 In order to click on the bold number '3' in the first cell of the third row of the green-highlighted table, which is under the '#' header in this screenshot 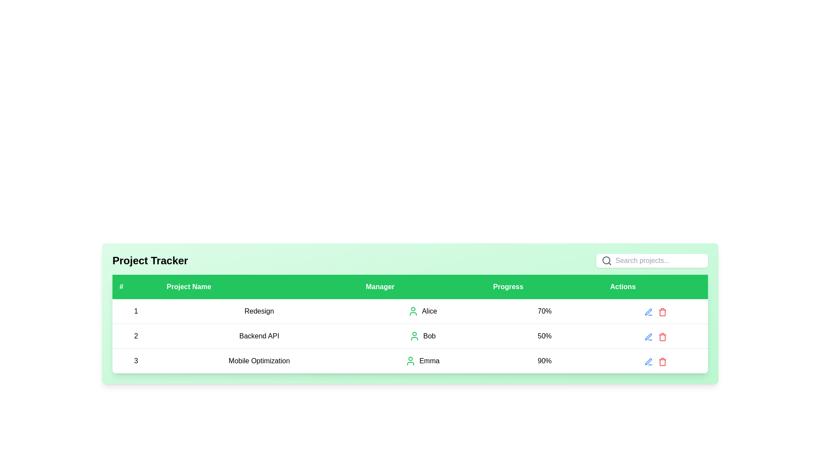, I will do `click(136, 361)`.